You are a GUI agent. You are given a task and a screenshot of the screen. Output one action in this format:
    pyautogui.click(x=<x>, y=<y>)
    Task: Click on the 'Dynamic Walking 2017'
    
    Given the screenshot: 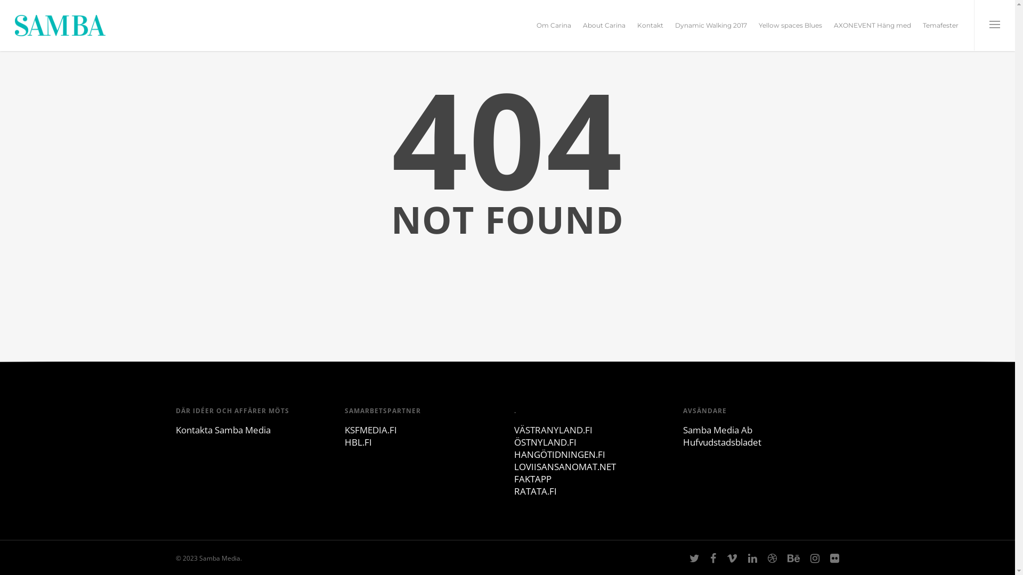 What is the action you would take?
    pyautogui.click(x=711, y=32)
    